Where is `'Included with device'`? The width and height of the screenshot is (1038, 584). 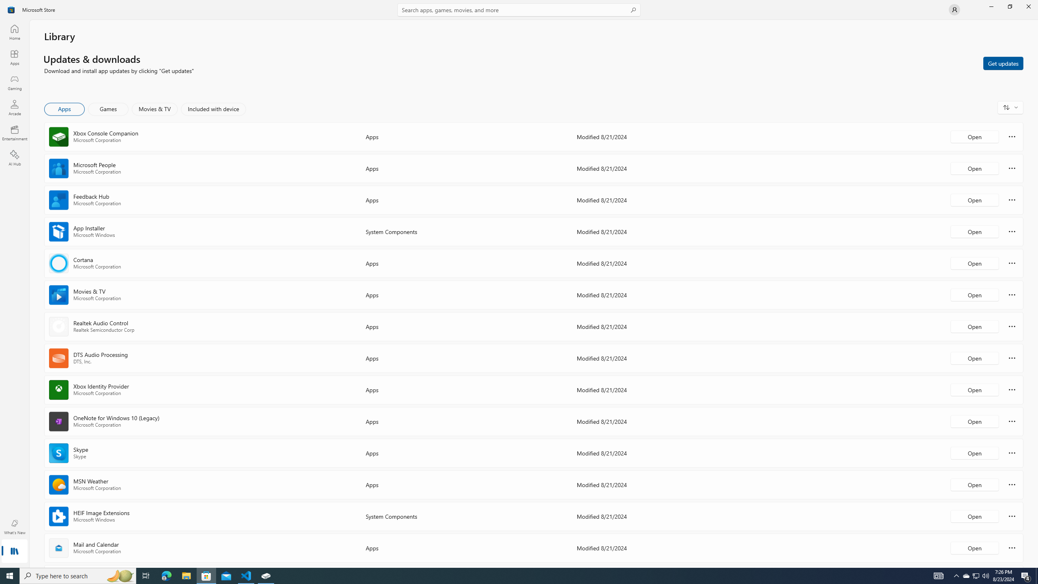 'Included with device' is located at coordinates (213, 109).